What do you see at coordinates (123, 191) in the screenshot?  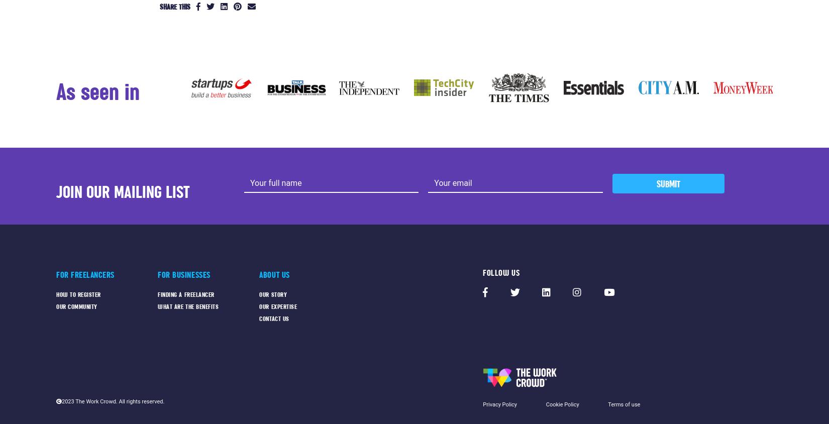 I see `'JOIN OUR MAILING LIST'` at bounding box center [123, 191].